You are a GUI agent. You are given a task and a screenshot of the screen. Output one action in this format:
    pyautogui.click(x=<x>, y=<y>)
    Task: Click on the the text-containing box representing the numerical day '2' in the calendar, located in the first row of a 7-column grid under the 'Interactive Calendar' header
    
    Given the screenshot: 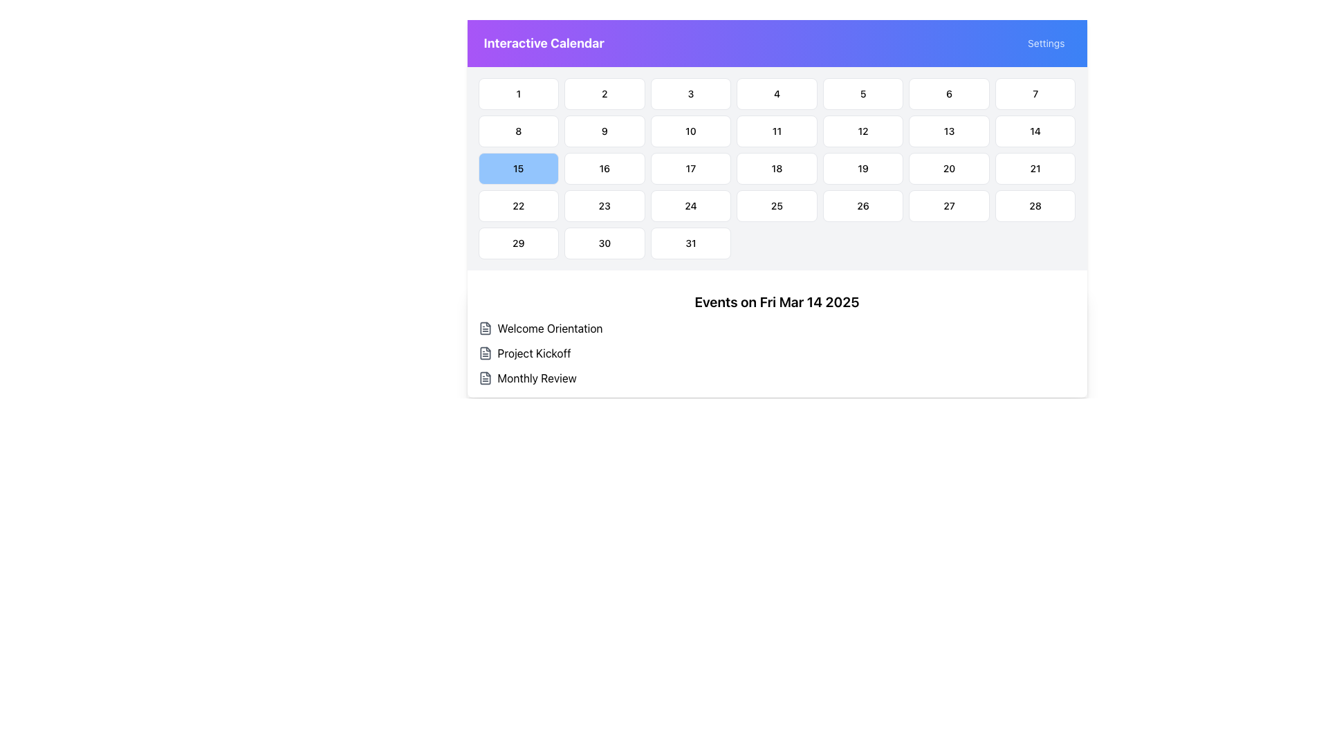 What is the action you would take?
    pyautogui.click(x=605, y=93)
    